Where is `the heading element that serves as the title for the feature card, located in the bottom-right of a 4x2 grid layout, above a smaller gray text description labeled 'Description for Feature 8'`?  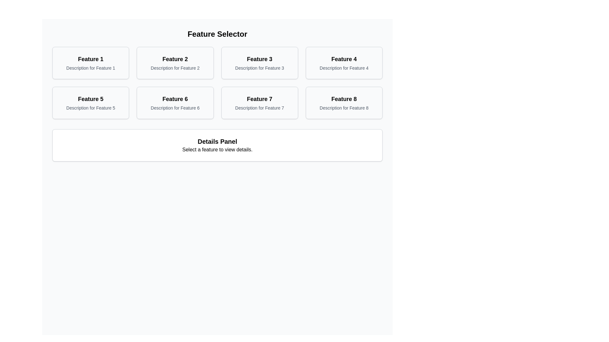
the heading element that serves as the title for the feature card, located in the bottom-right of a 4x2 grid layout, above a smaller gray text description labeled 'Description for Feature 8' is located at coordinates (344, 99).